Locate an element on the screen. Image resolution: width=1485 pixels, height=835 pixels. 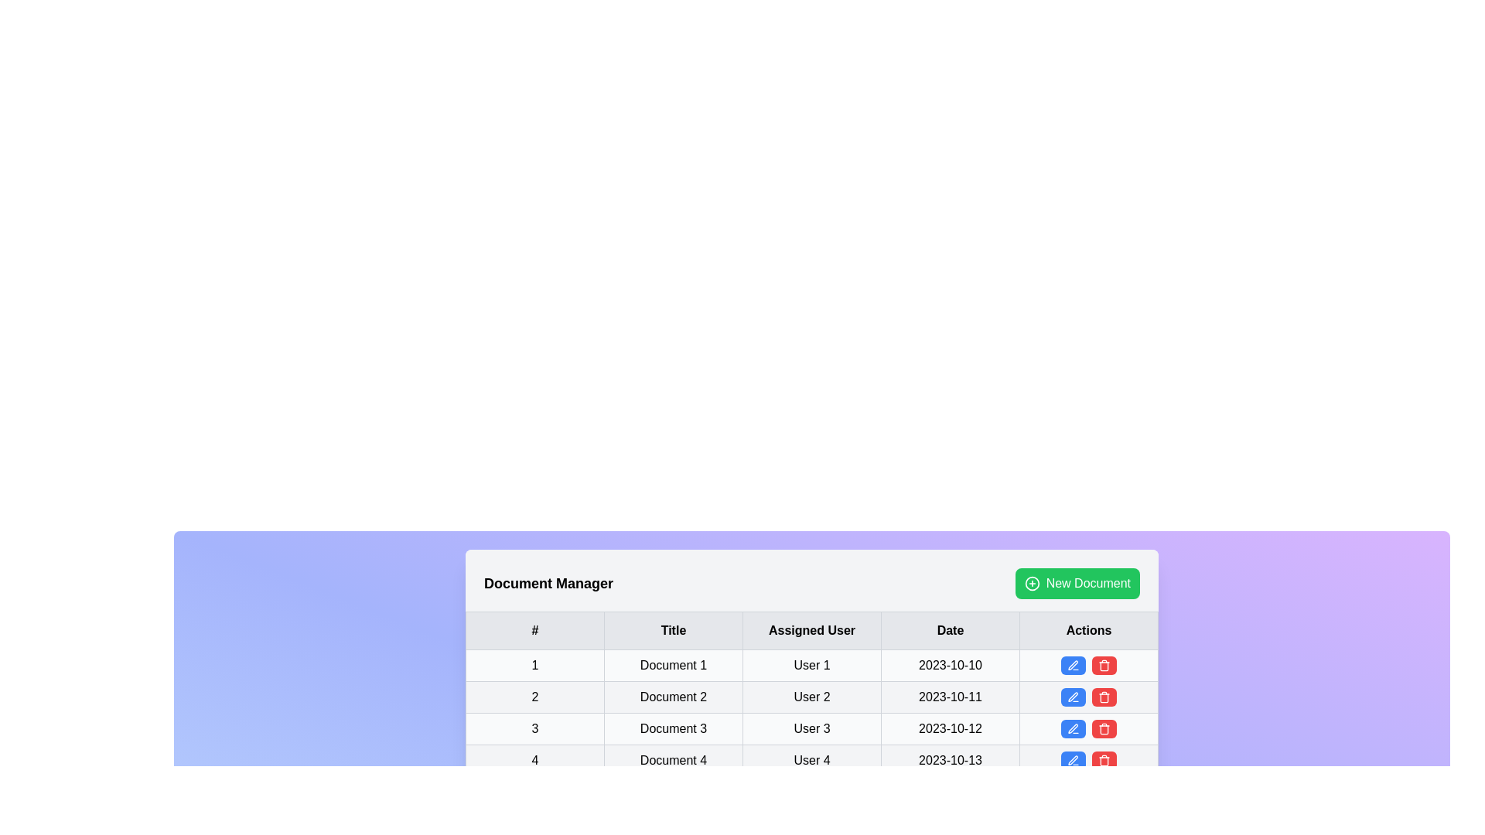
the blue button with rounded corners and a white pen icon located in the Actions column of the first row to initiate editing is located at coordinates (1072, 664).